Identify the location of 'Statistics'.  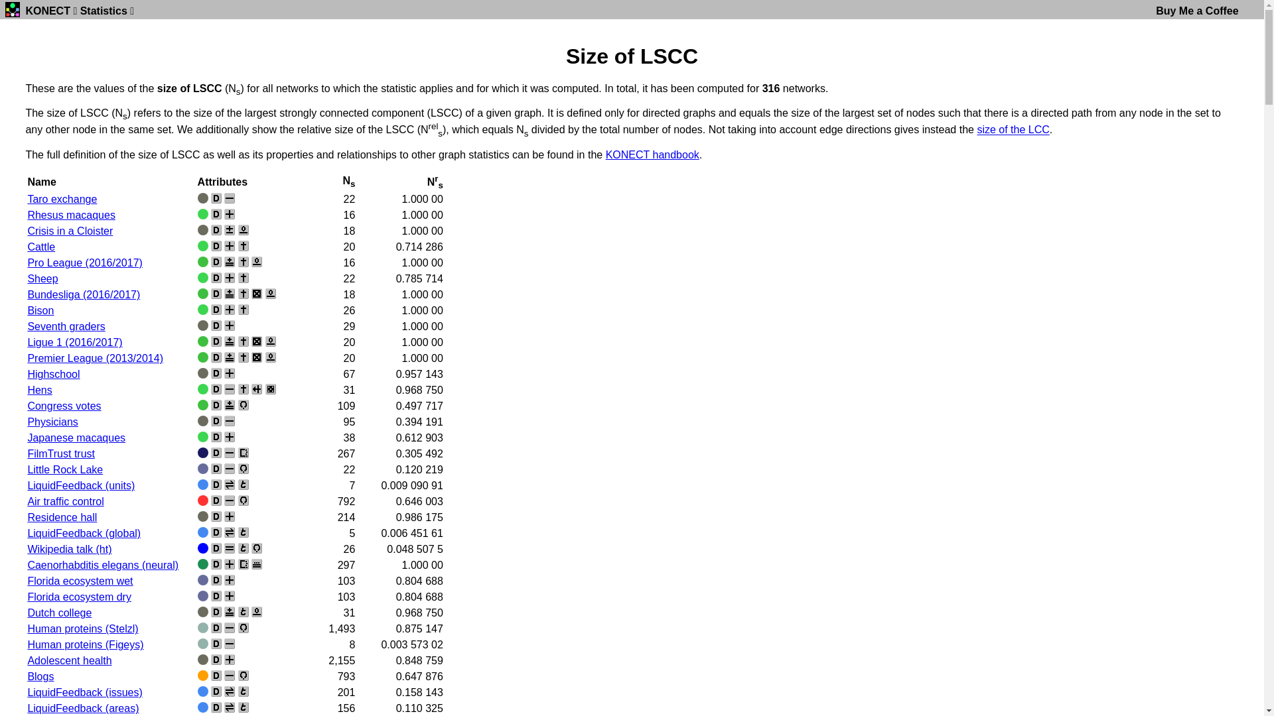
(103, 11).